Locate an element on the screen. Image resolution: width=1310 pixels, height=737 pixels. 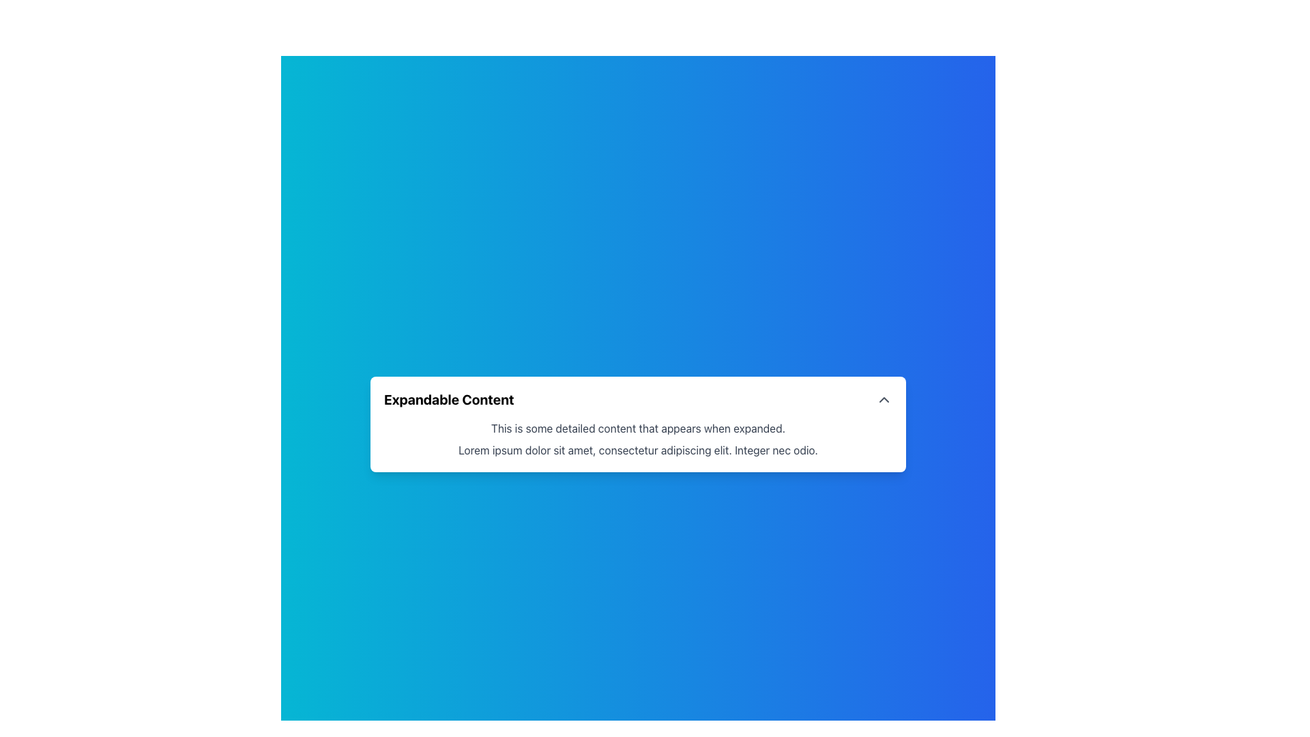
the small, triangular-shaped chevron icon pointing upwards, located at the far-right side of the 'Expandable Content' section is located at coordinates (884, 399).